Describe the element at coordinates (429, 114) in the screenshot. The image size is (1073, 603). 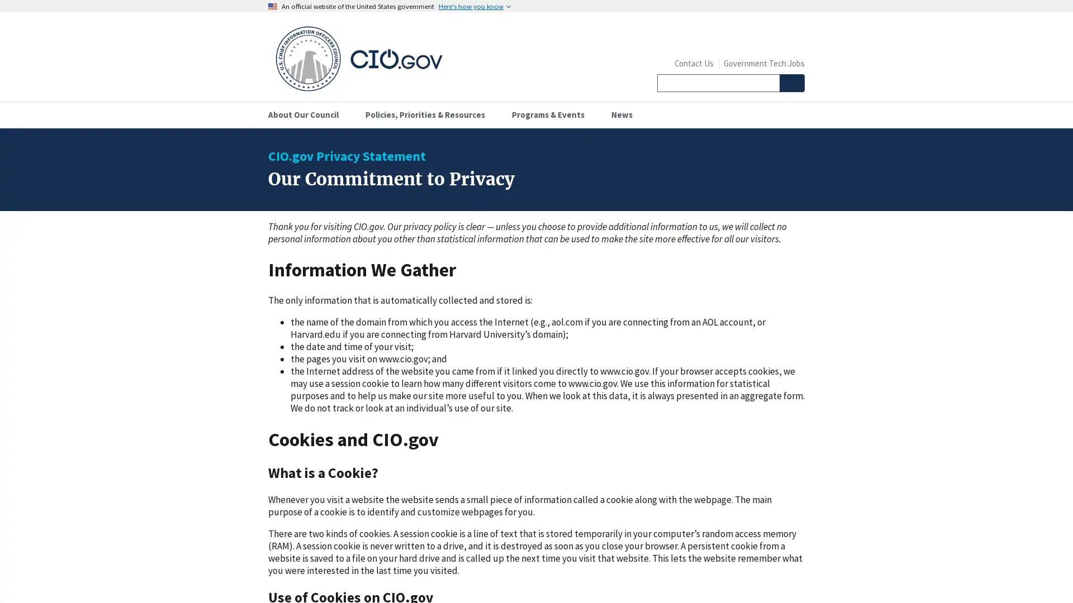
I see `Policies, Priorities & Resources` at that location.